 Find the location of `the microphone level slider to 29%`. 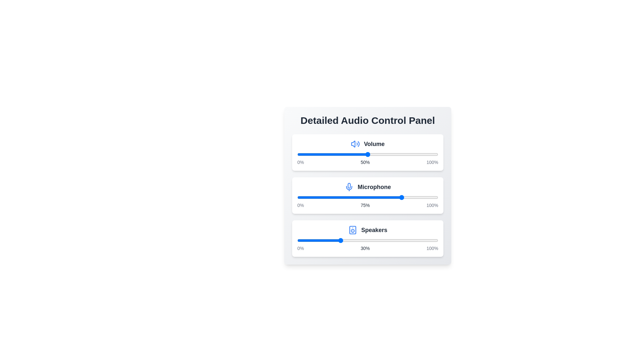

the microphone level slider to 29% is located at coordinates (338, 197).